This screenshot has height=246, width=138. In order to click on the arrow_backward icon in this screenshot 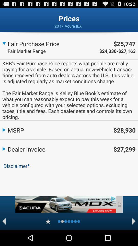, I will do `click(4, 237)`.